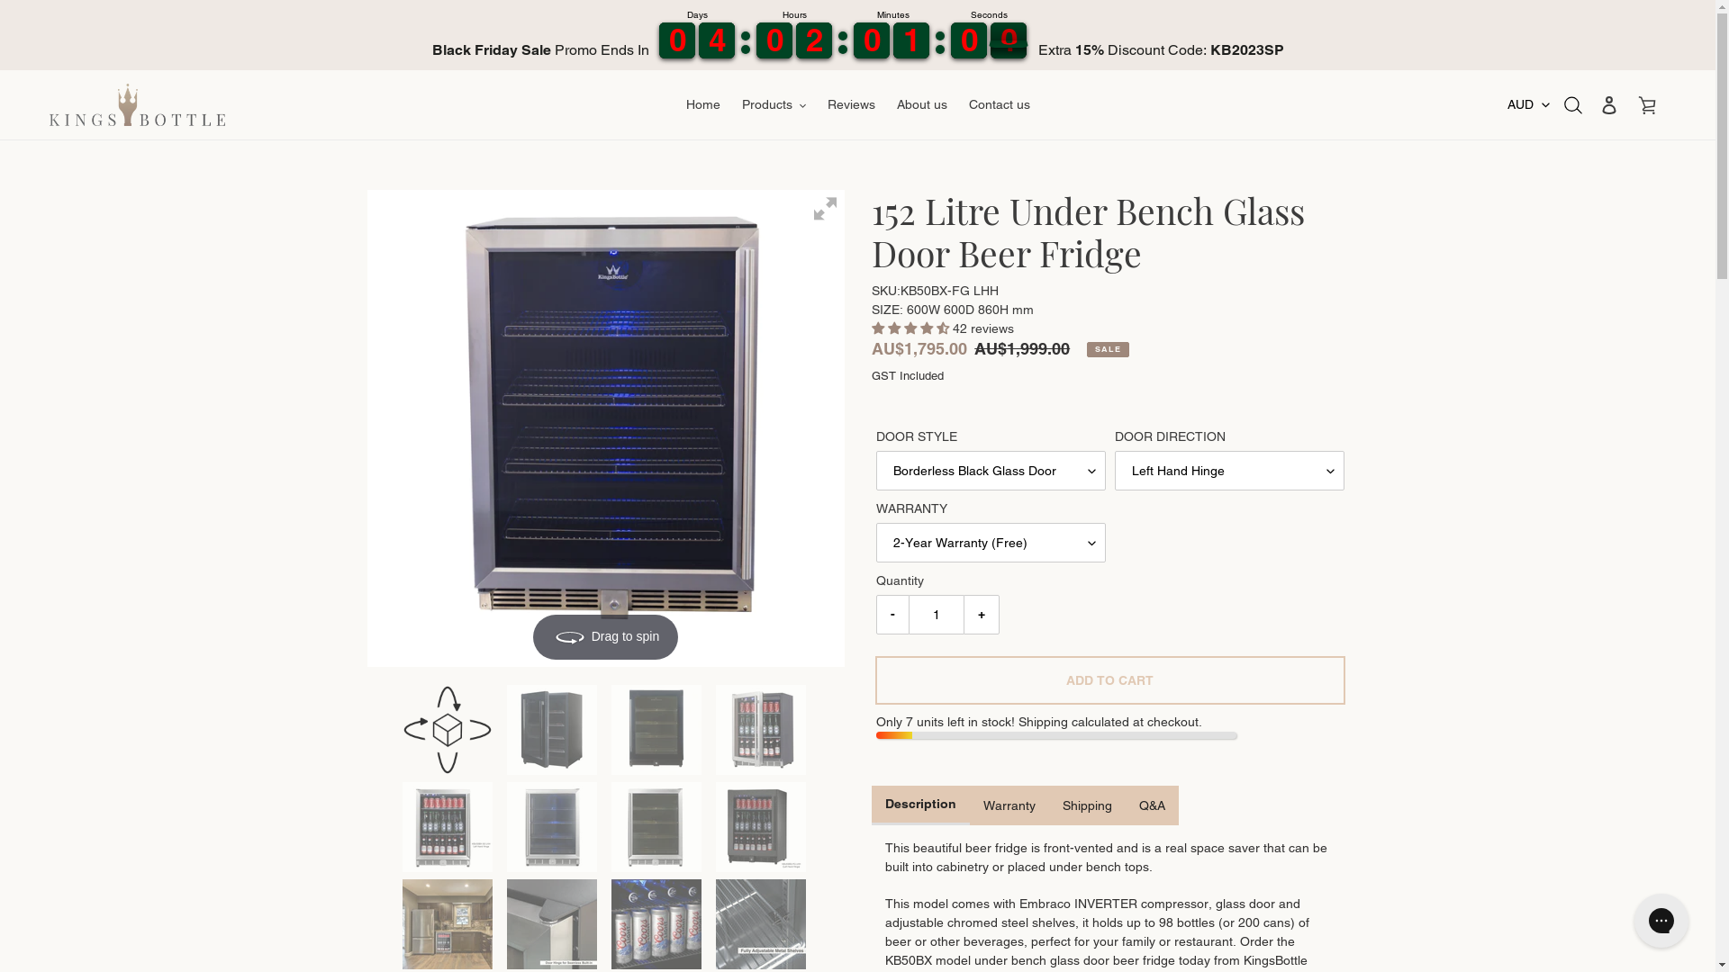 This screenshot has width=1729, height=972. I want to click on 'Contact us', so click(958, 104).